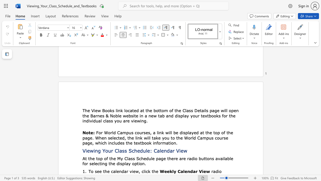  What do you see at coordinates (119, 171) in the screenshot?
I see `the subset text "ndar view, click th" within the text "To see the calendar view, click the"` at bounding box center [119, 171].